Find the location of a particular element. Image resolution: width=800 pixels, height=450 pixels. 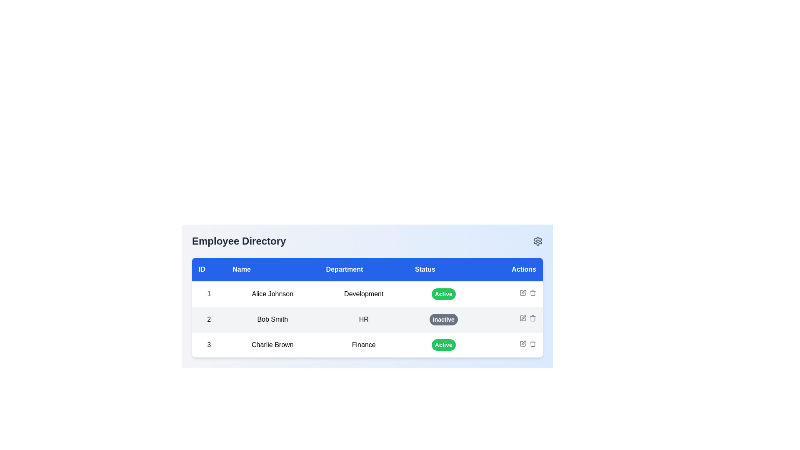

the 'Edit' button/icon in the 'Actions' column of the second row for user 'Bob Smith' is located at coordinates (522, 318).